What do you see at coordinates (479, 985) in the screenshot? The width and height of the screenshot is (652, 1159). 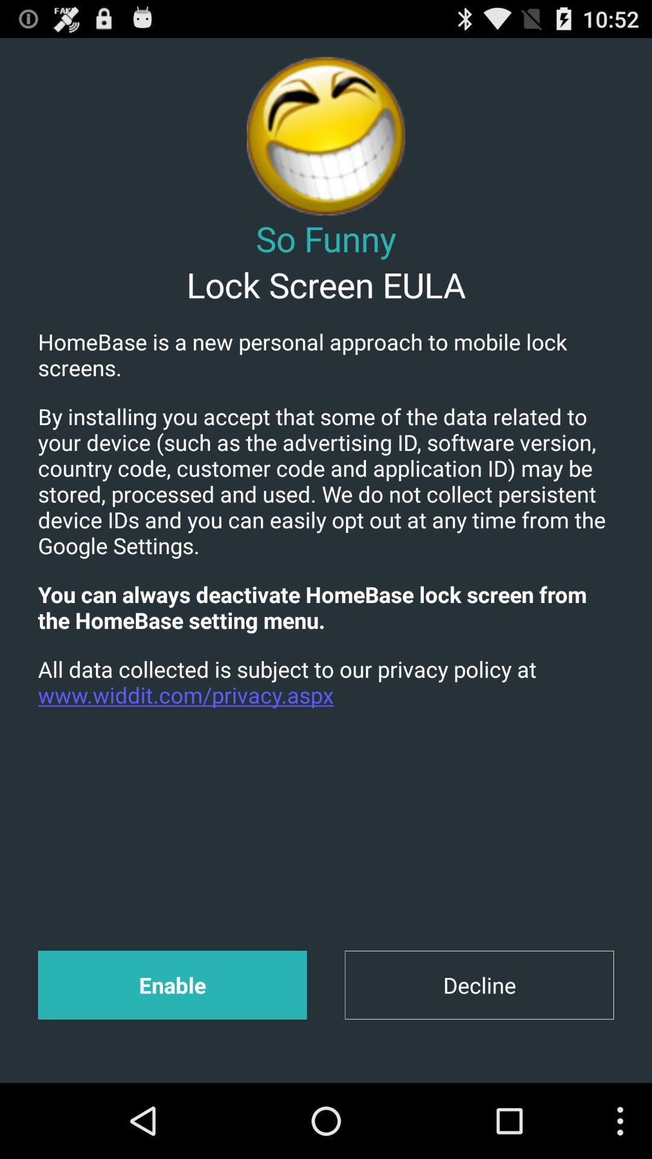 I see `item at the bottom right corner` at bounding box center [479, 985].